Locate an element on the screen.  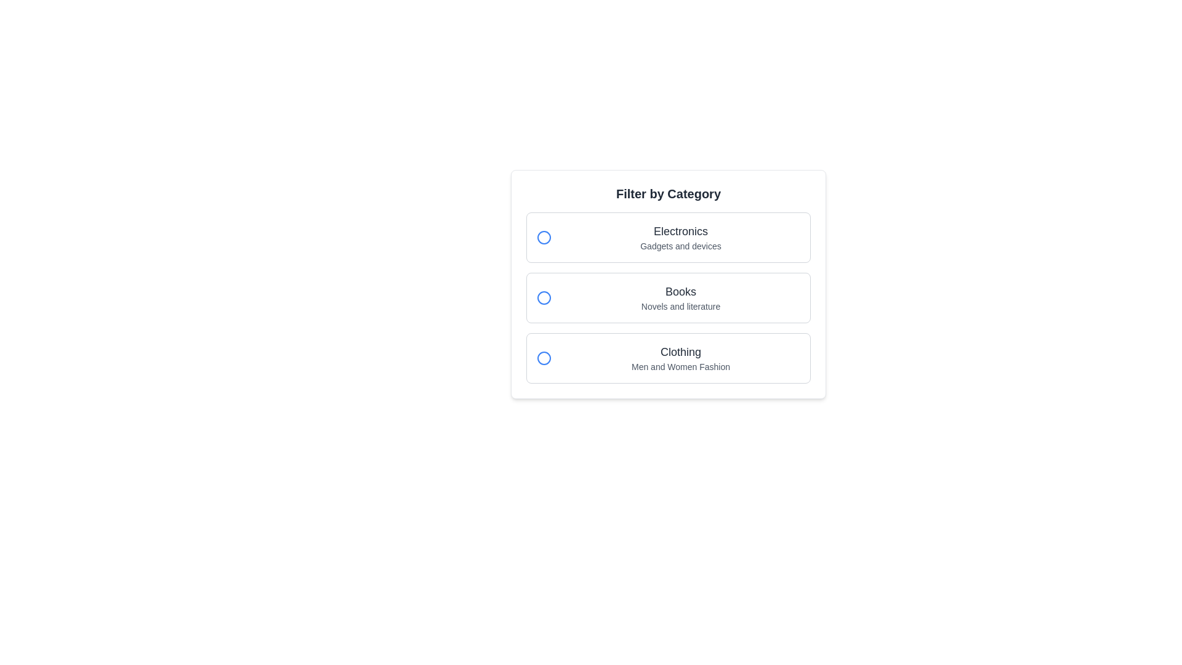
the circular marker or button located to the left of the 'Electronics' category in the vertical list is located at coordinates (543, 237).